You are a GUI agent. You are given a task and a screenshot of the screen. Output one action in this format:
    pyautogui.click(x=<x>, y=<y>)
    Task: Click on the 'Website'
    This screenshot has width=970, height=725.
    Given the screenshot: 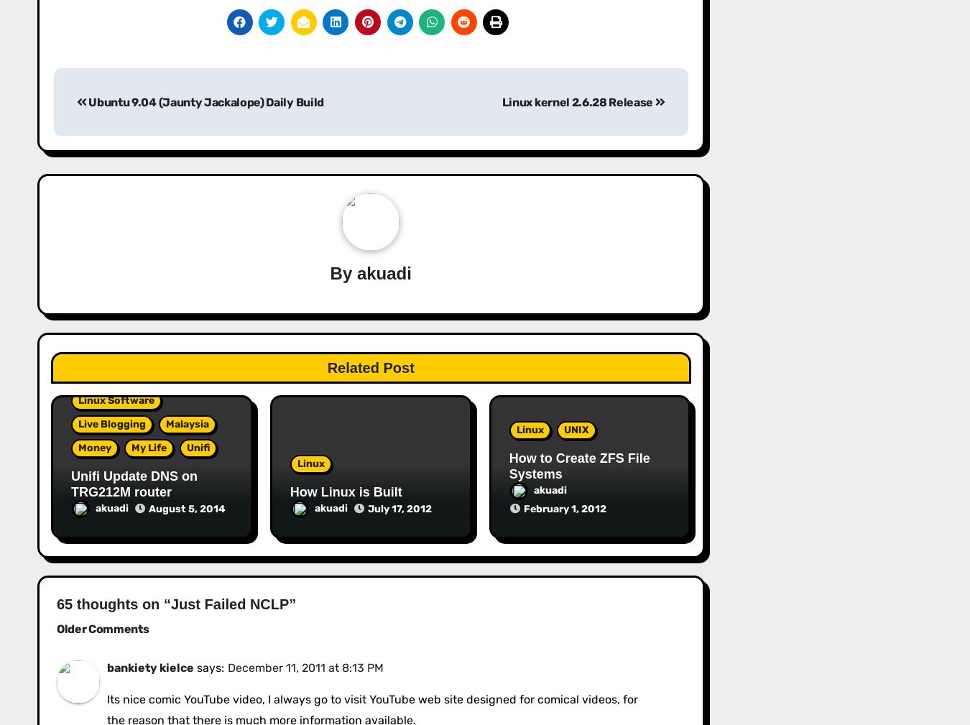 What is the action you would take?
    pyautogui.click(x=77, y=132)
    